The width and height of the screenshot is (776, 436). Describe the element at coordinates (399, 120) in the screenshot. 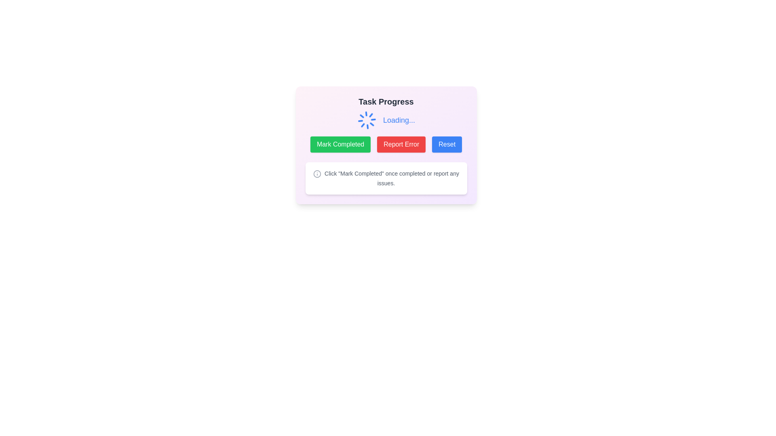

I see `text label displaying 'Loading...' which is positioned centrally within the interface, immediately to the right of a spinning loader animation, to understand the current status` at that location.